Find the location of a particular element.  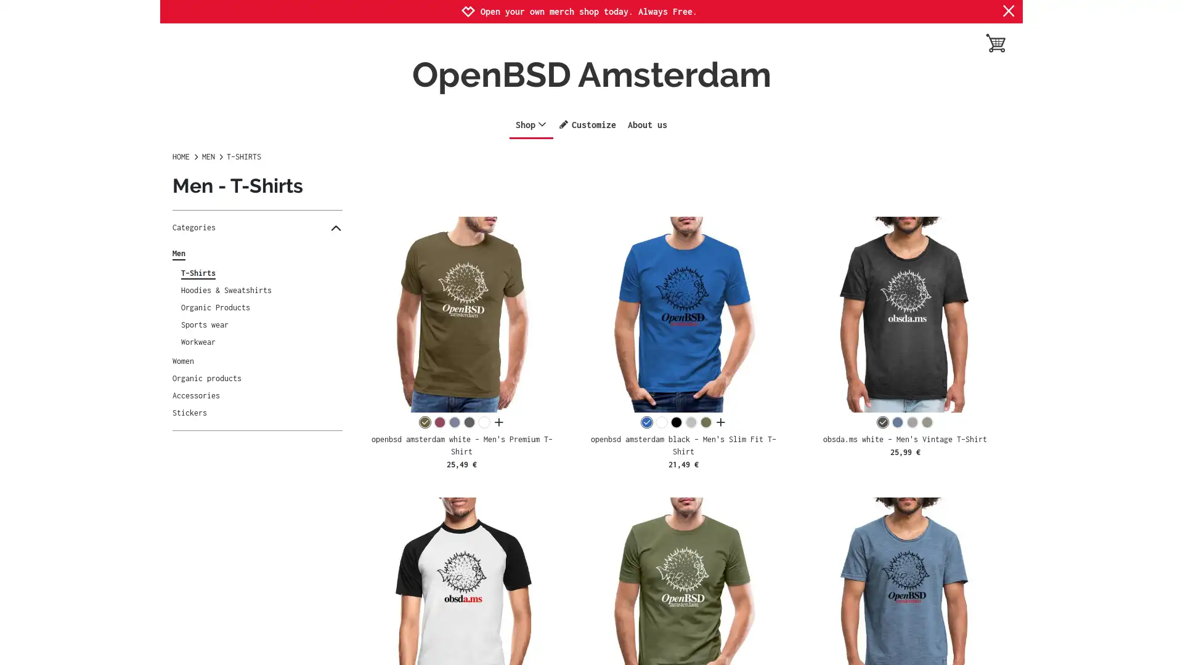

Categories is located at coordinates (256, 228).